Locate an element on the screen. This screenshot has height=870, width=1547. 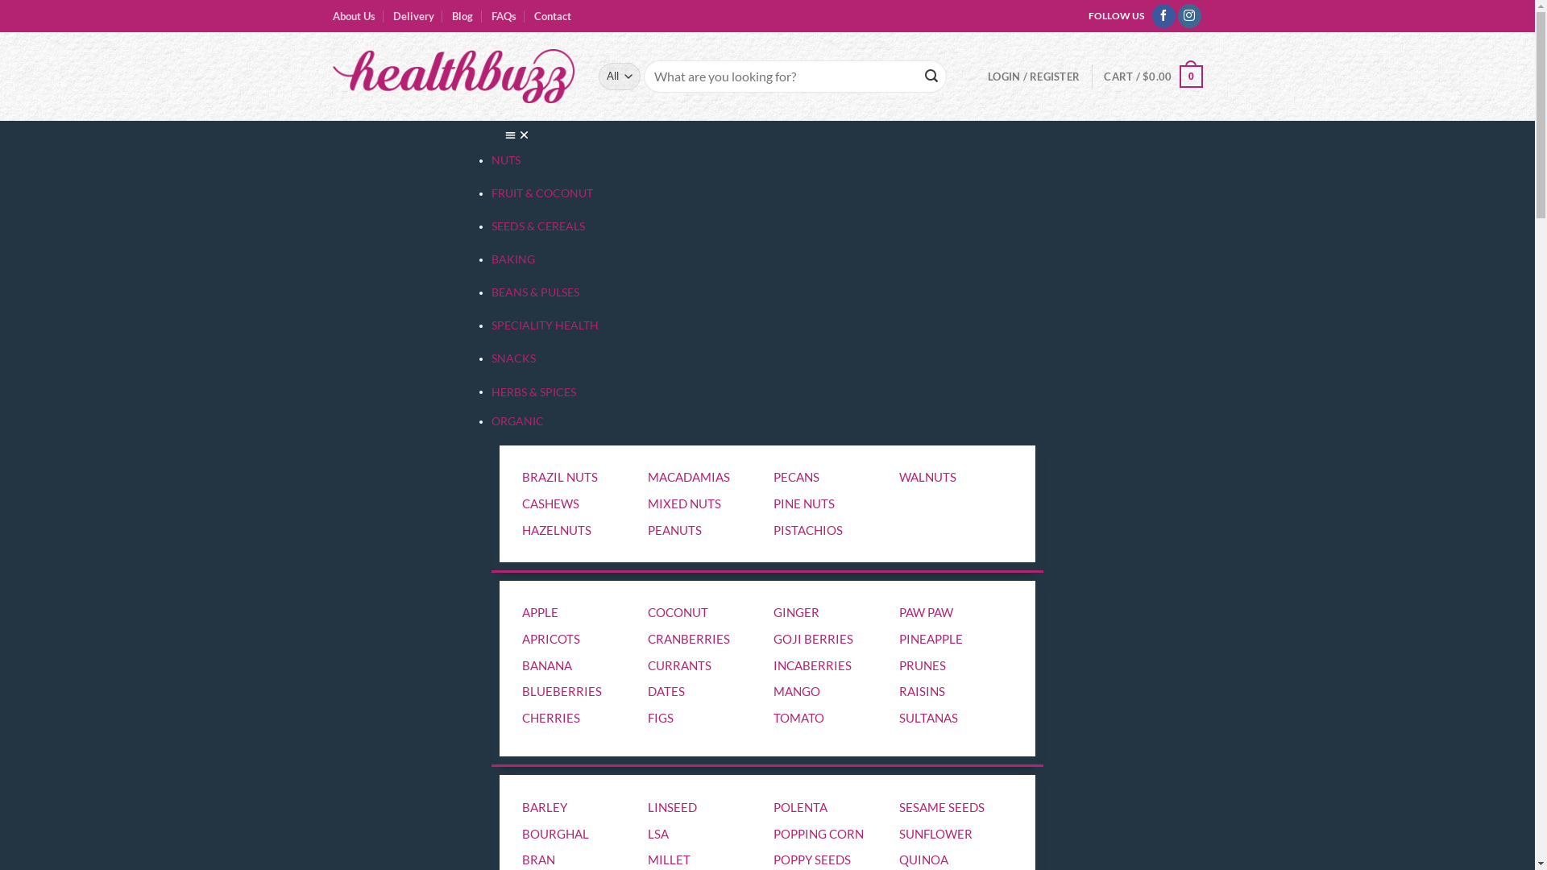
'SUNFLOWER' is located at coordinates (935, 833).